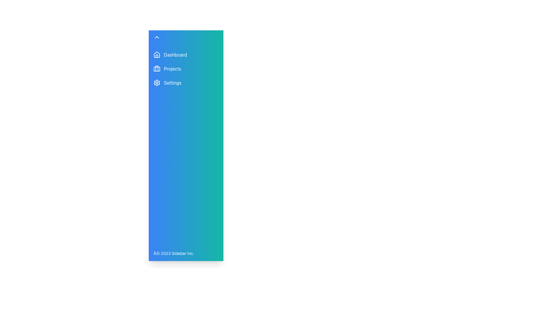 The height and width of the screenshot is (315, 560). What do you see at coordinates (173, 68) in the screenshot?
I see `the middle item of the Navigational Menu, which is labeled 'Projects'` at bounding box center [173, 68].